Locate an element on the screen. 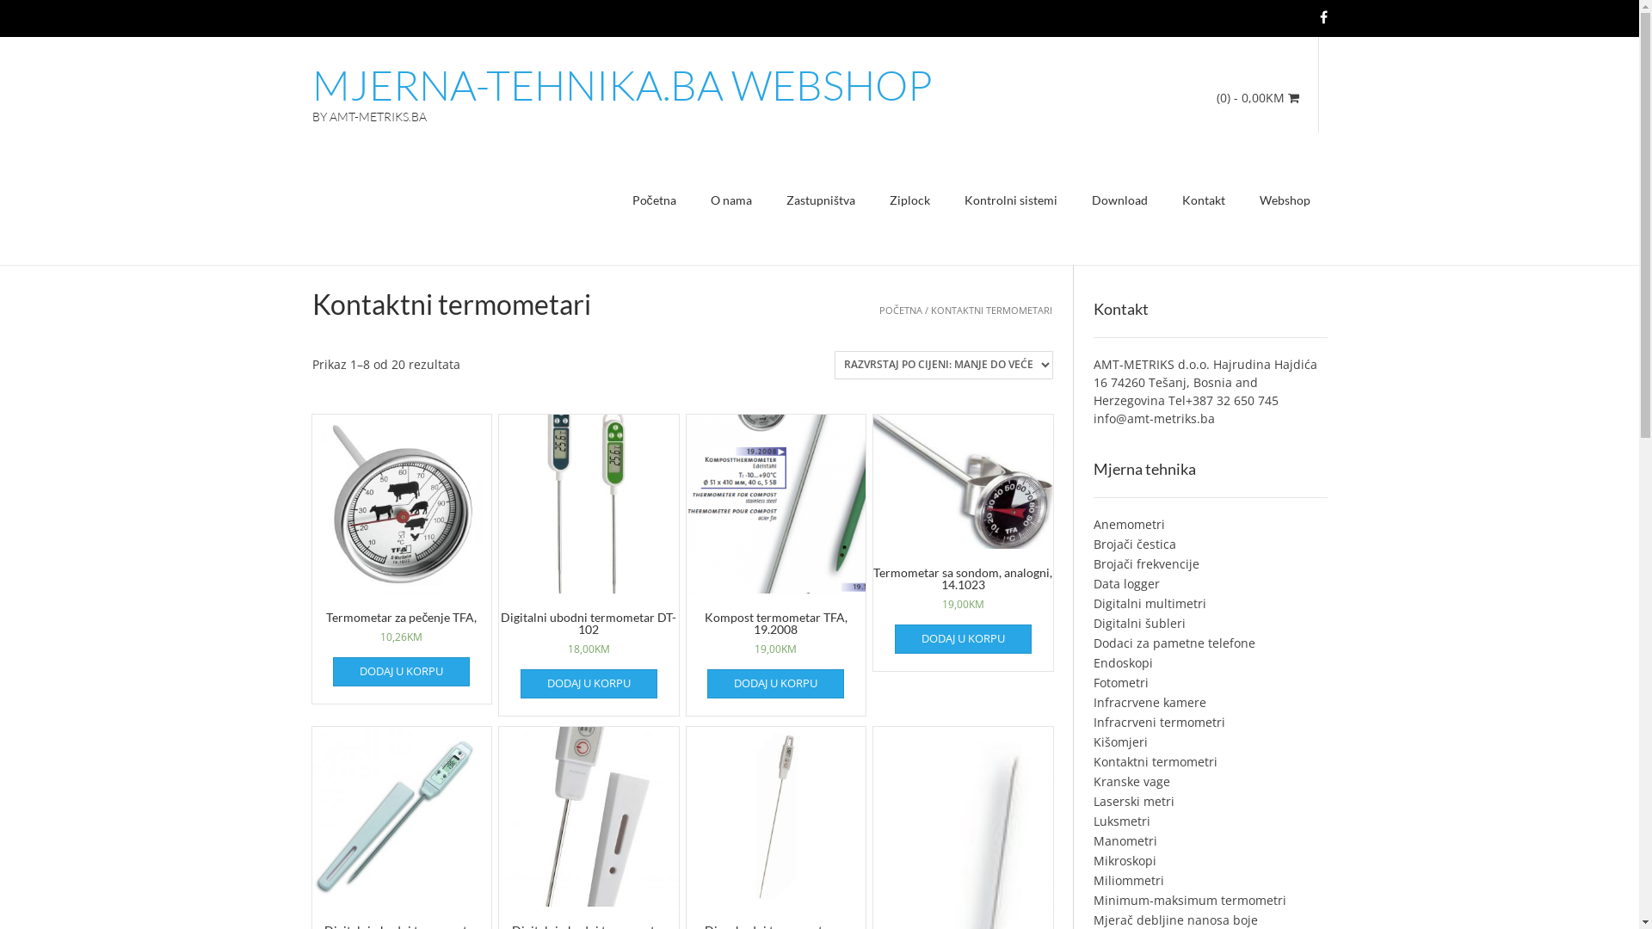  'Minimum-maksimum termometri' is located at coordinates (1093, 899).